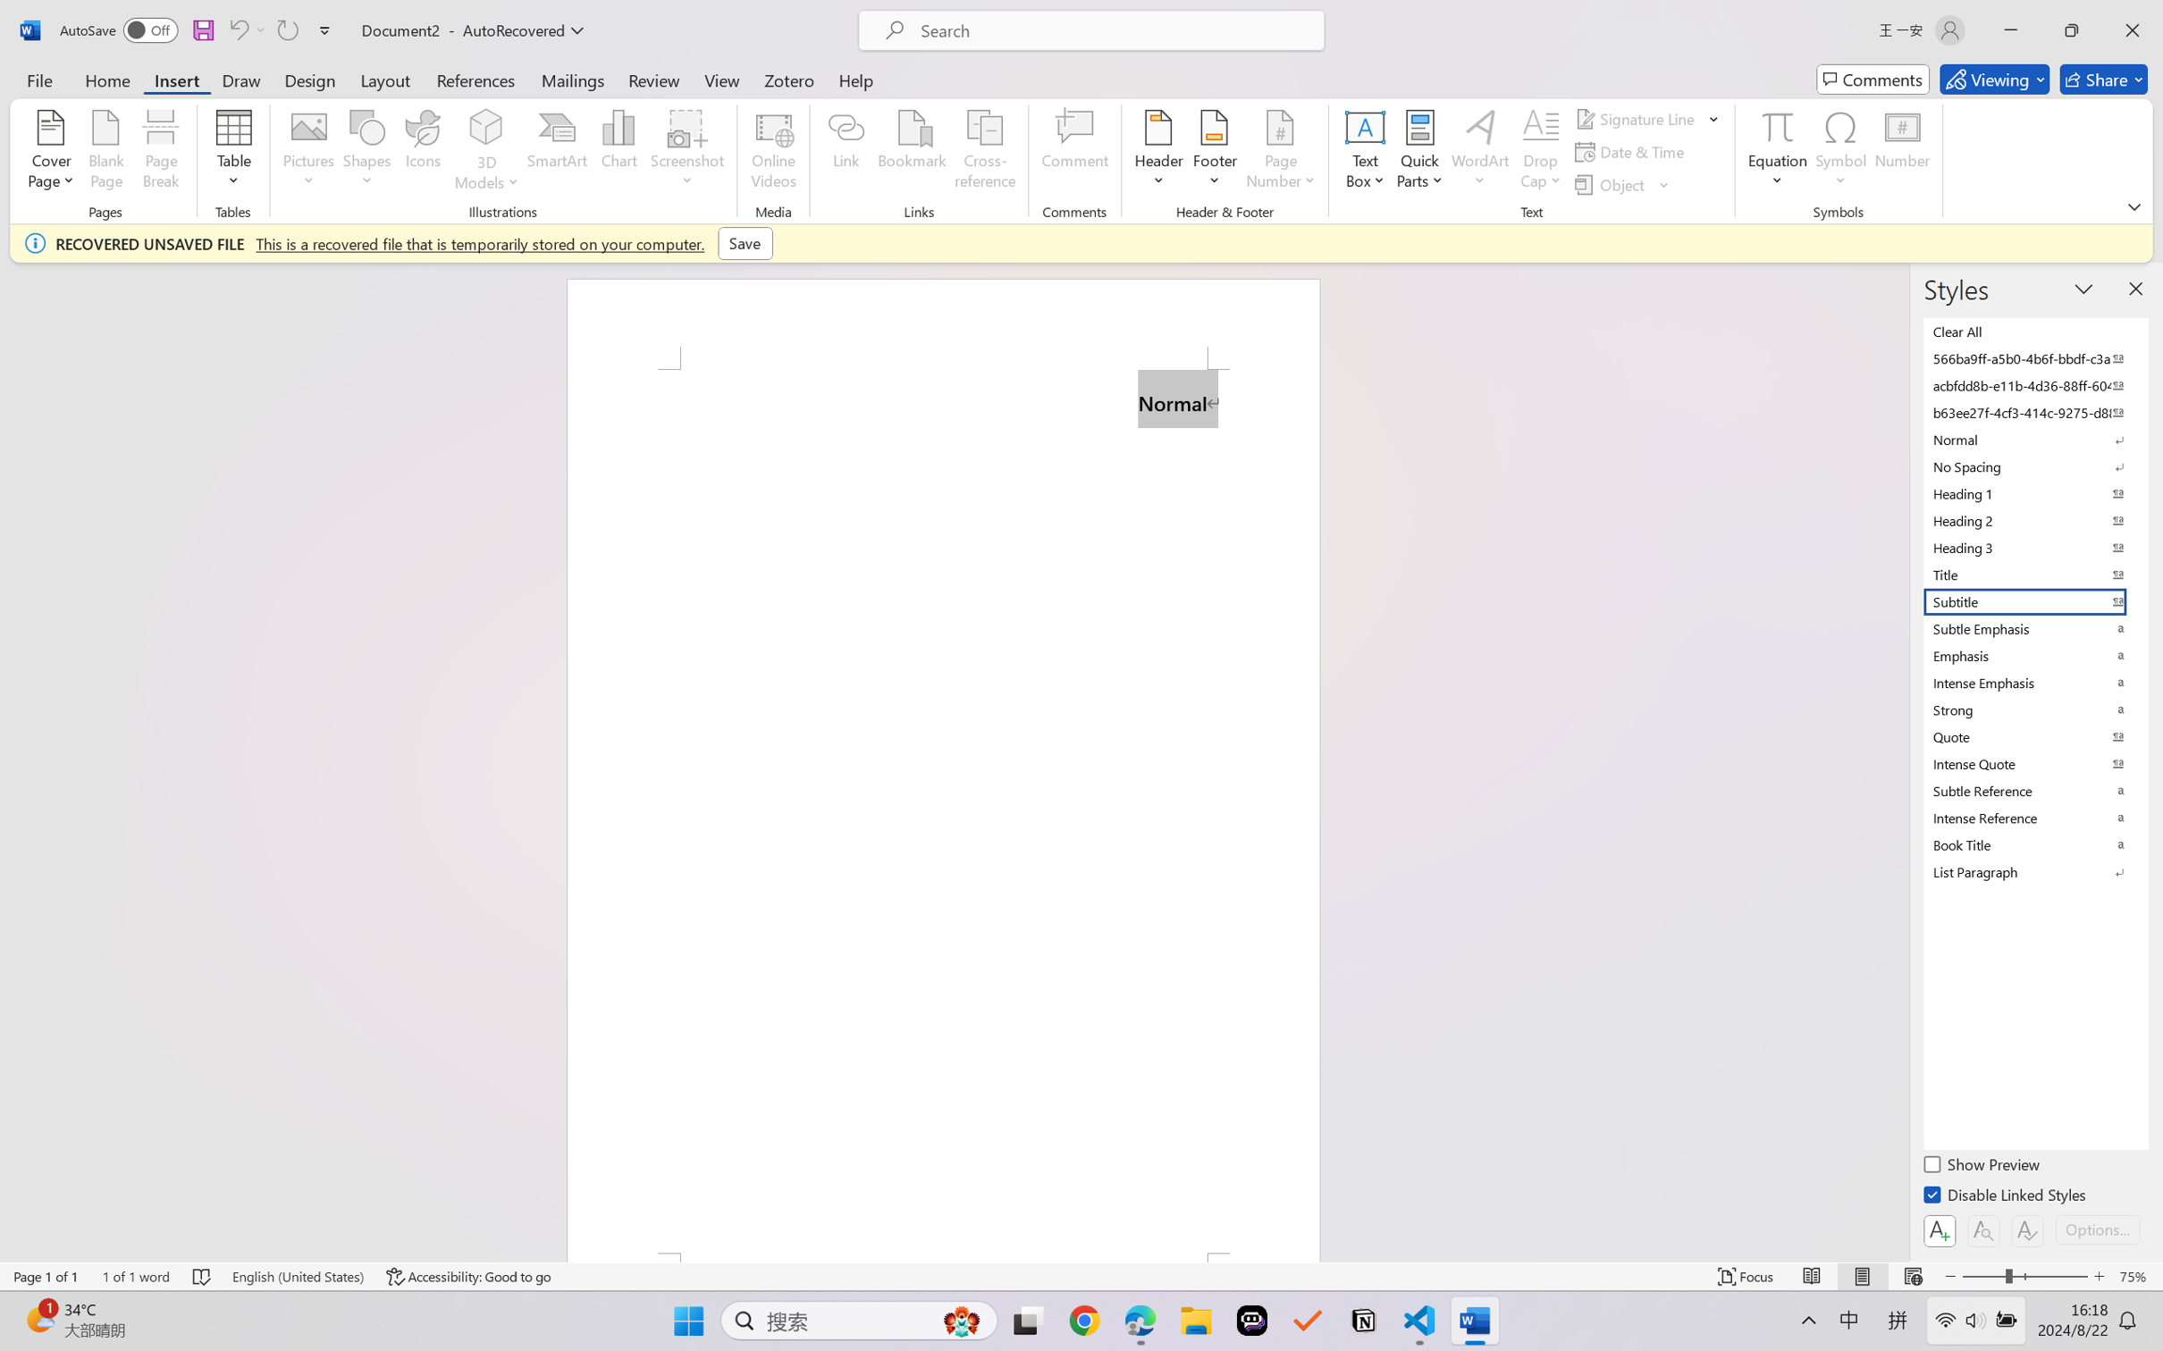 The width and height of the screenshot is (2163, 1351). I want to click on 'SmartArt...', so click(558, 152).